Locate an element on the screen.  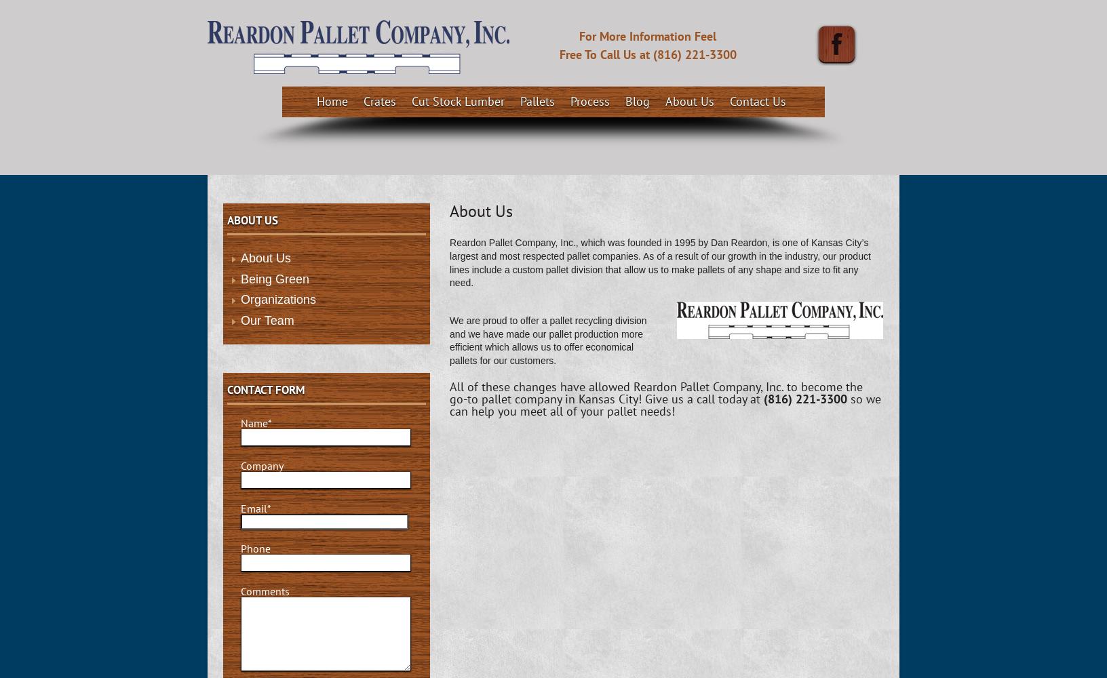
'Phone' is located at coordinates (255, 549).